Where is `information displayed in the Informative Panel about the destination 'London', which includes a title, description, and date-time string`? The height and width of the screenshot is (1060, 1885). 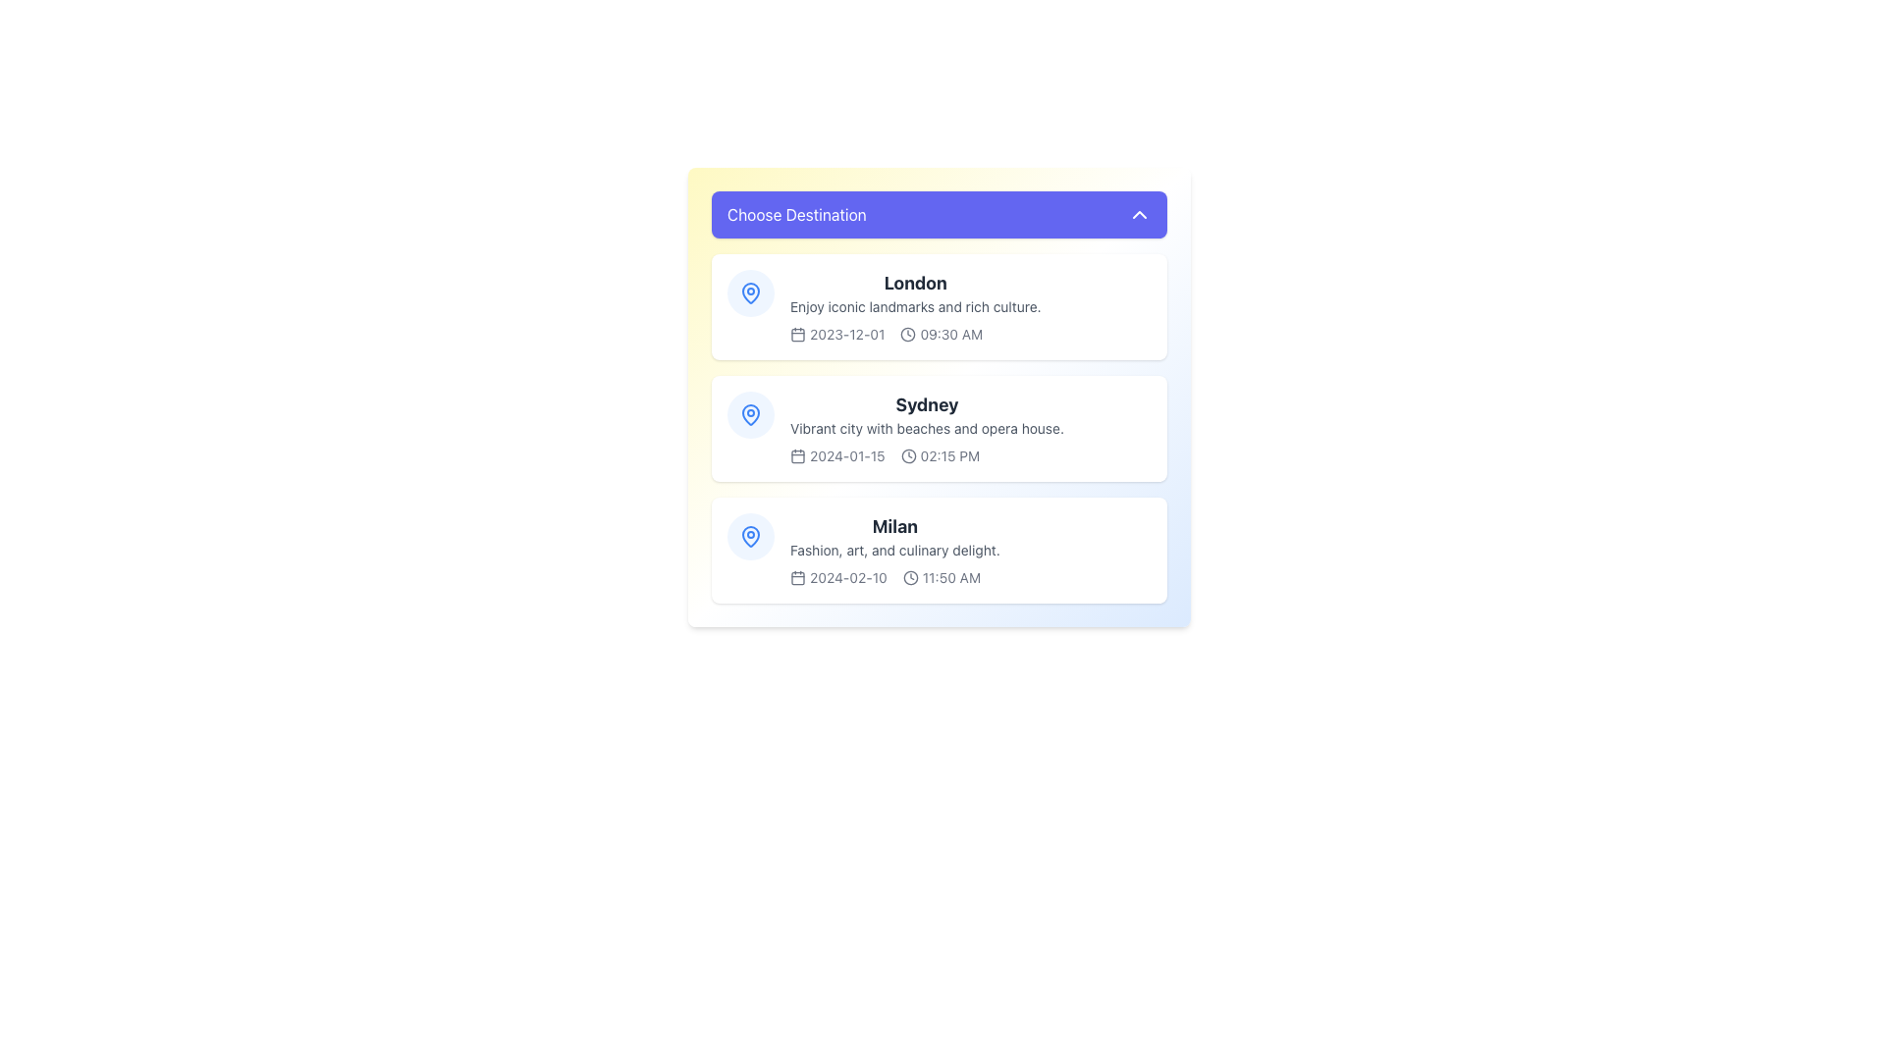
information displayed in the Informative Panel about the destination 'London', which includes a title, description, and date-time string is located at coordinates (914, 306).